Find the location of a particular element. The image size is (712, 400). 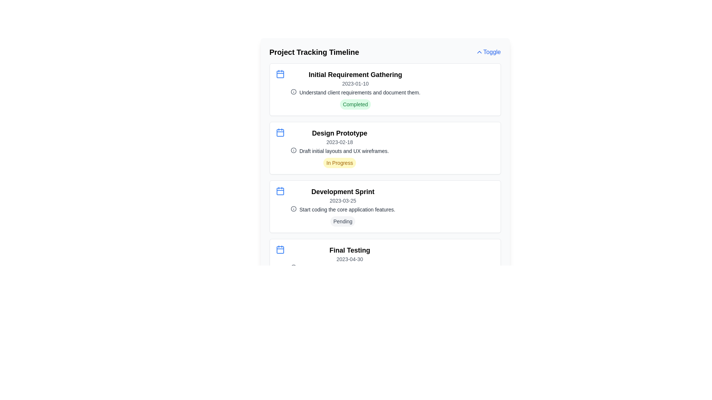

the 'Toggle' button, which features blue text and an upward-pointing chevron icon, to trigger the hover state that changes the text color to a darker blue is located at coordinates (488, 52).